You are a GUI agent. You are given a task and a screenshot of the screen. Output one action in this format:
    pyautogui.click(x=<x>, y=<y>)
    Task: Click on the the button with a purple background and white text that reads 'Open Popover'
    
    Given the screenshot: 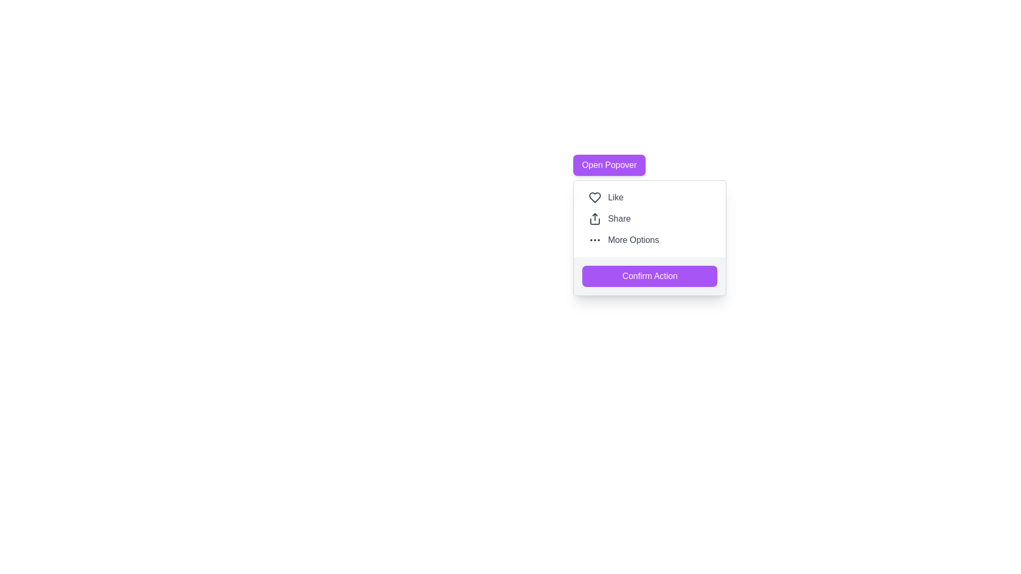 What is the action you would take?
    pyautogui.click(x=609, y=165)
    